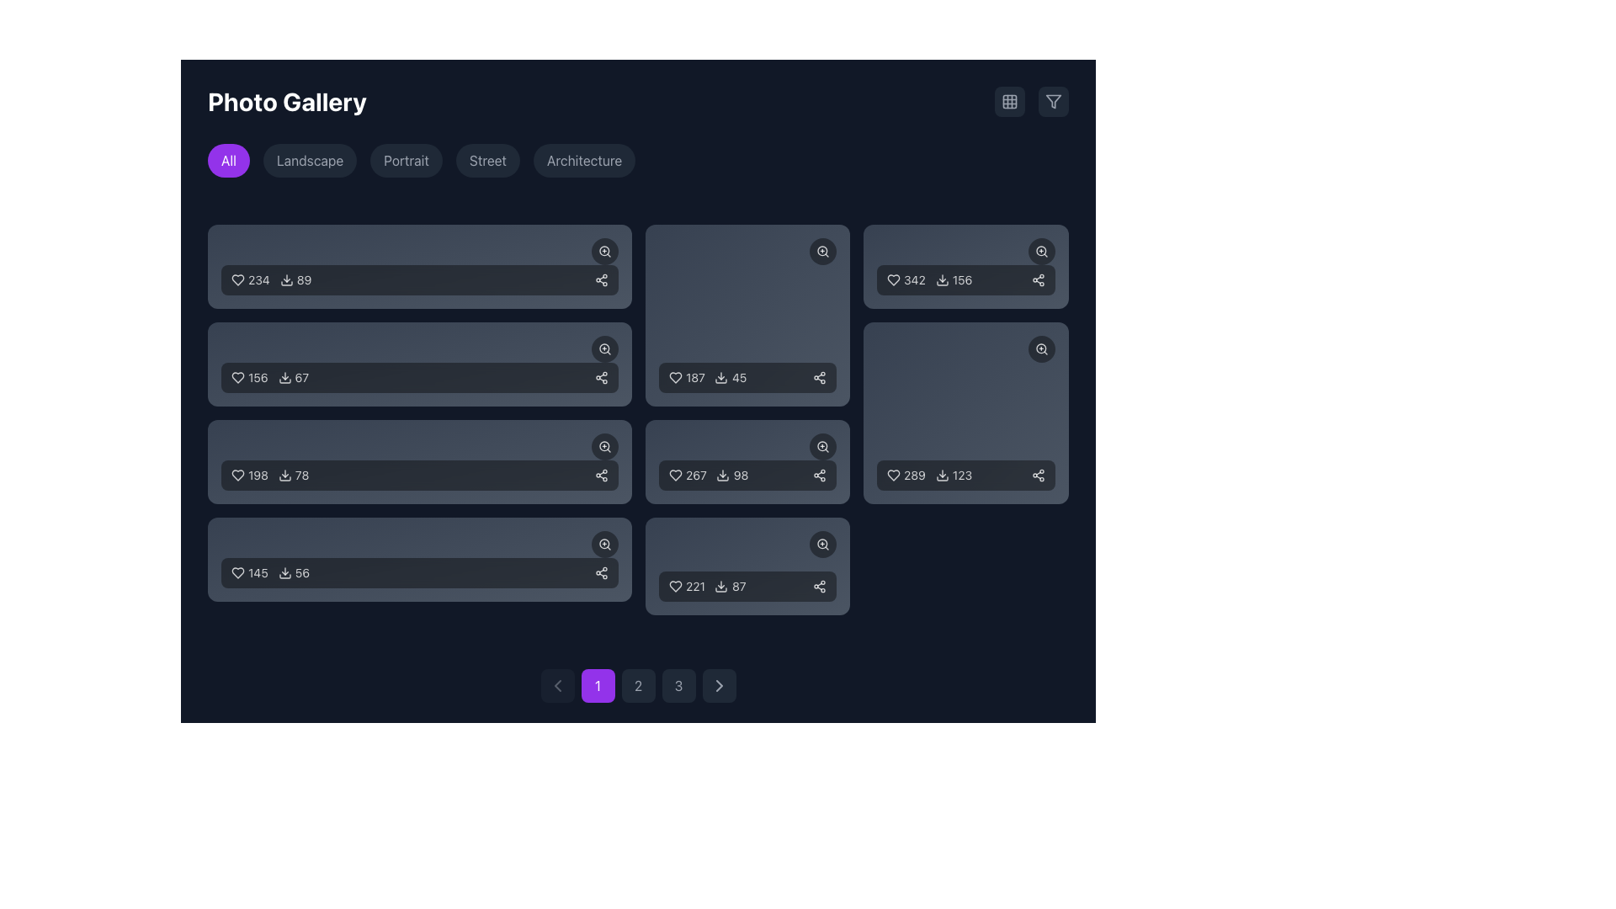  Describe the element at coordinates (604, 348) in the screenshot. I see `the zoom button located at the top-right corner of the second image card in the first column to trigger visual feedback` at that location.